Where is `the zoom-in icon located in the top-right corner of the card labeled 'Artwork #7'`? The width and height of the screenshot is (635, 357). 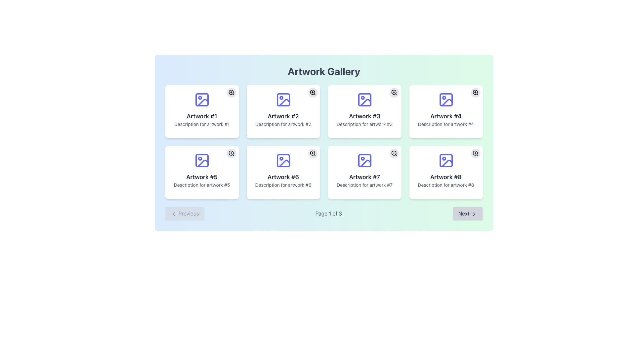
the zoom-in icon located in the top-right corner of the card labeled 'Artwork #7' is located at coordinates (394, 153).